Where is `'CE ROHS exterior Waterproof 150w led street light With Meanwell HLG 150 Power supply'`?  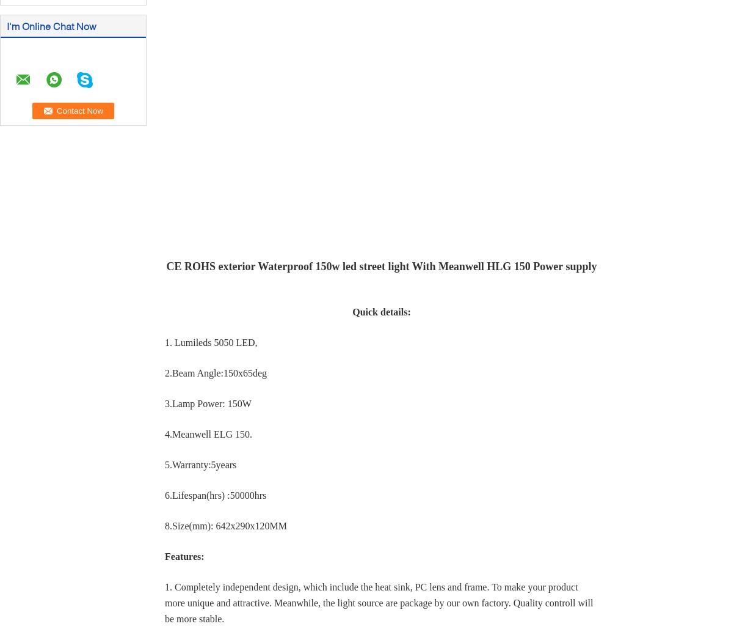 'CE ROHS exterior Waterproof 150w led street light With Meanwell HLG 150 Power supply' is located at coordinates (381, 266).